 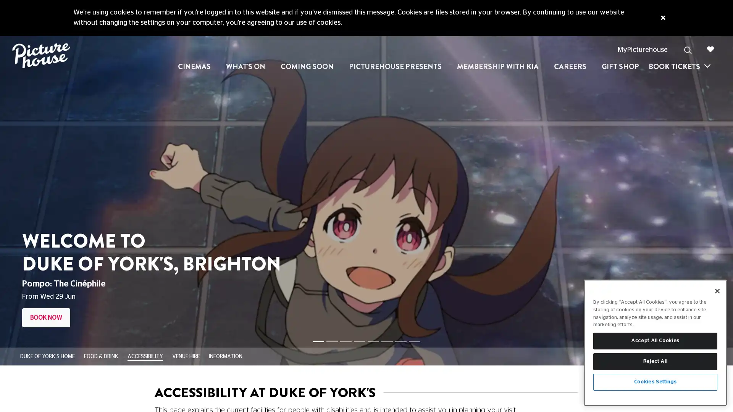 What do you see at coordinates (655, 382) in the screenshot?
I see `Cookies Settings` at bounding box center [655, 382].